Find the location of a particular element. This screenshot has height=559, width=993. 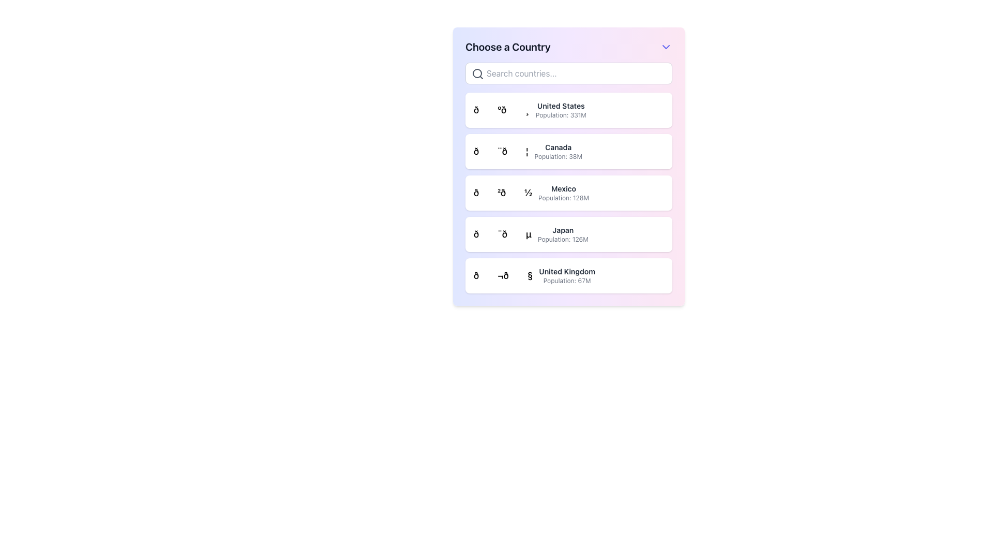

the textual label representing an emoji or symbolic text ('ð²ð½') located to the left of the 'Mexico' entry in the list is located at coordinates (503, 193).